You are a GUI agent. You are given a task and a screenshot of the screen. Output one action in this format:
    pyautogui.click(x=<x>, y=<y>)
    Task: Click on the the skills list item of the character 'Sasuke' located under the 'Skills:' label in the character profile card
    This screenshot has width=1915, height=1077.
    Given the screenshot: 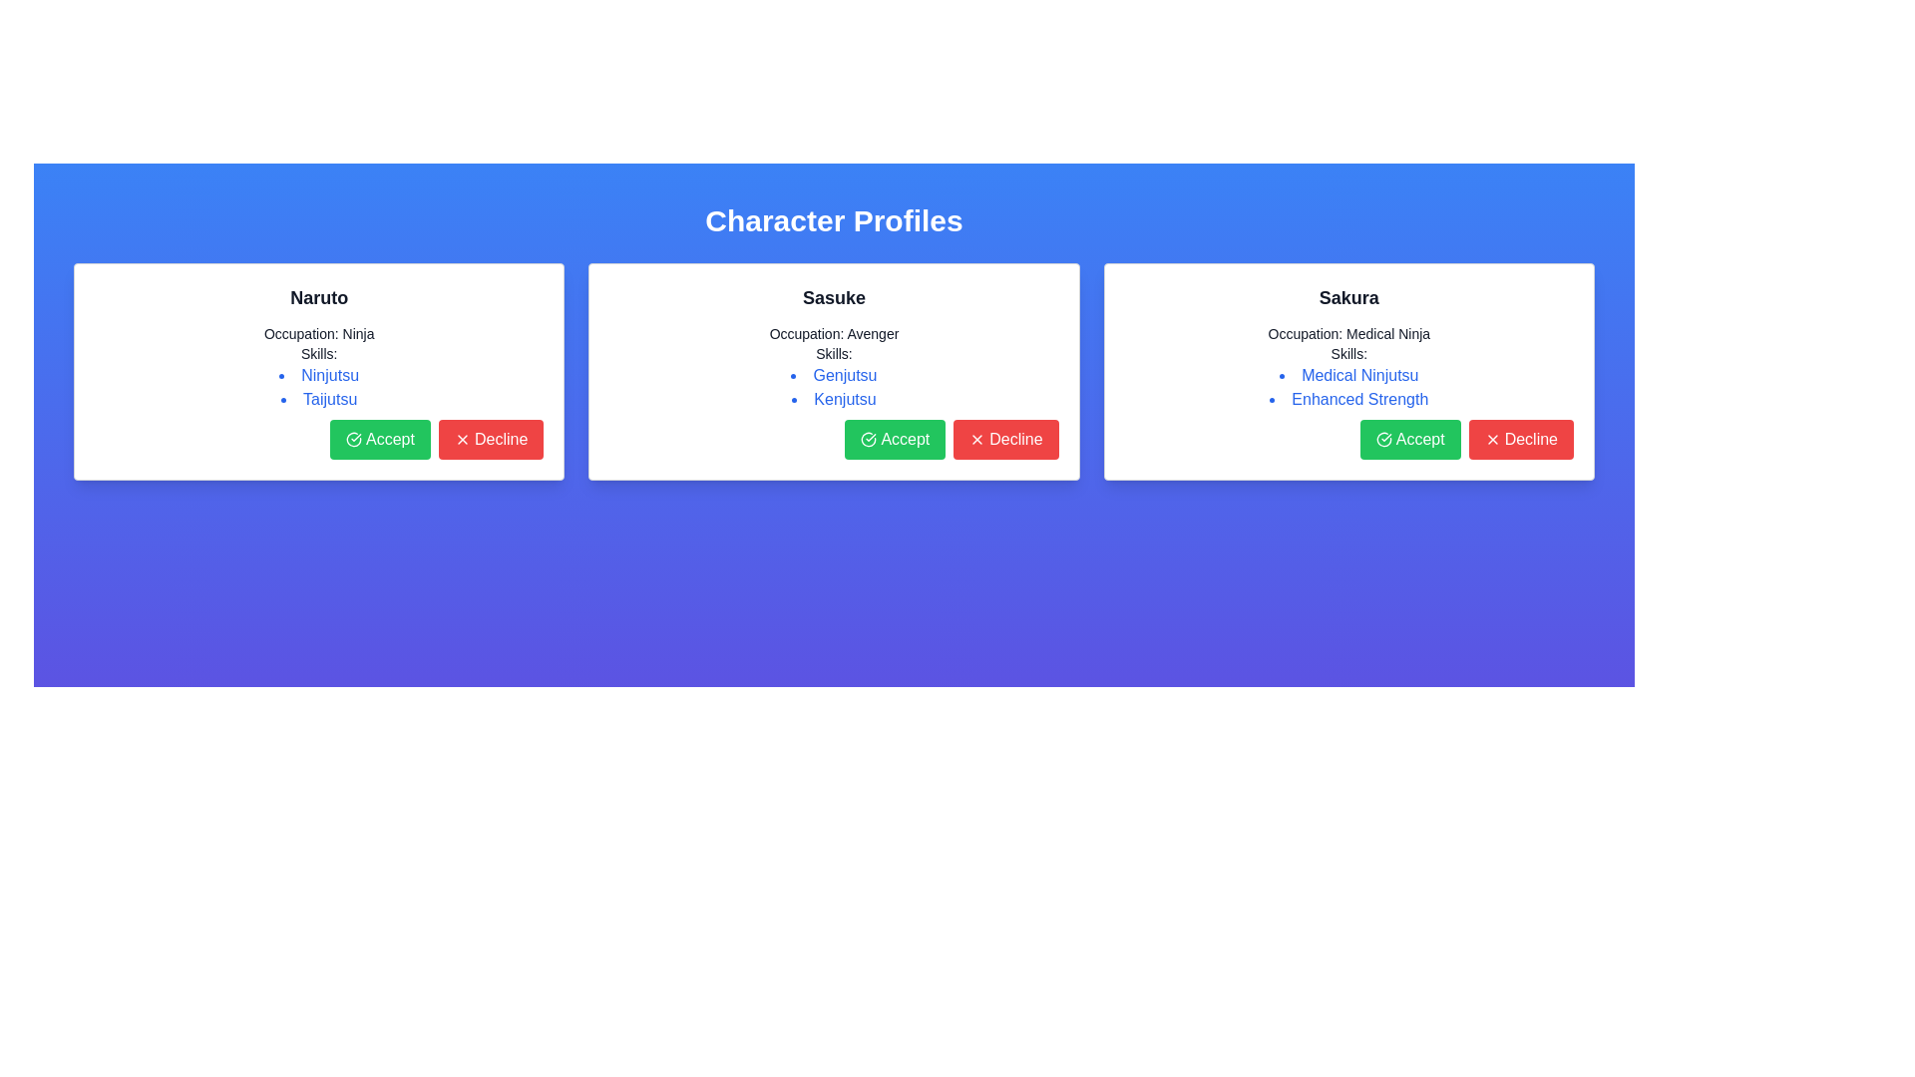 What is the action you would take?
    pyautogui.click(x=834, y=388)
    